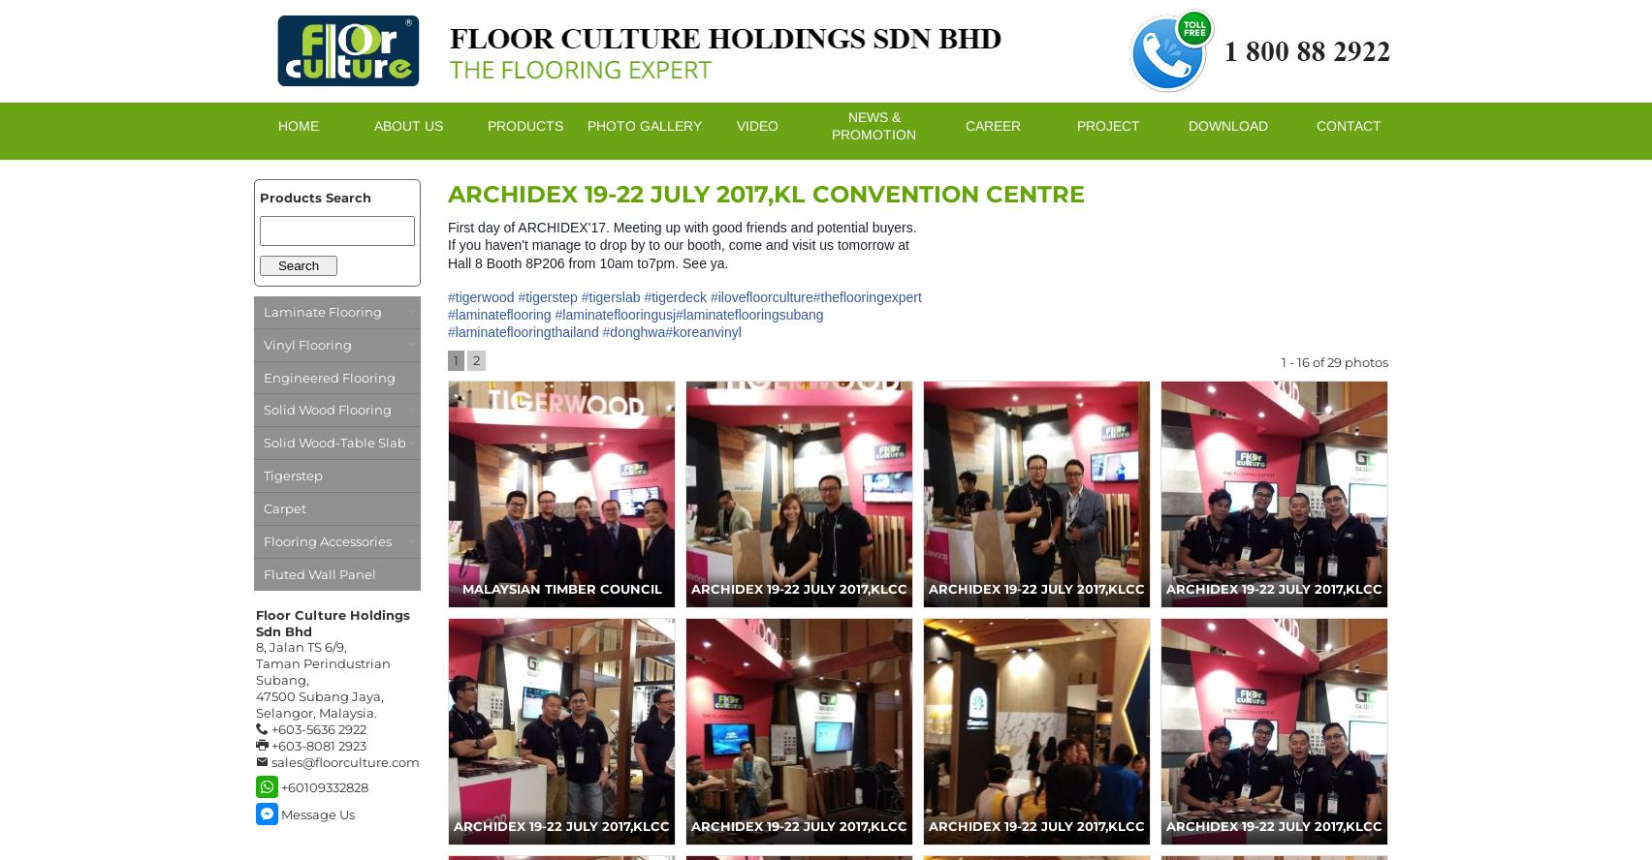  Describe the element at coordinates (526, 332) in the screenshot. I see `'laminateflooringthailand'` at that location.